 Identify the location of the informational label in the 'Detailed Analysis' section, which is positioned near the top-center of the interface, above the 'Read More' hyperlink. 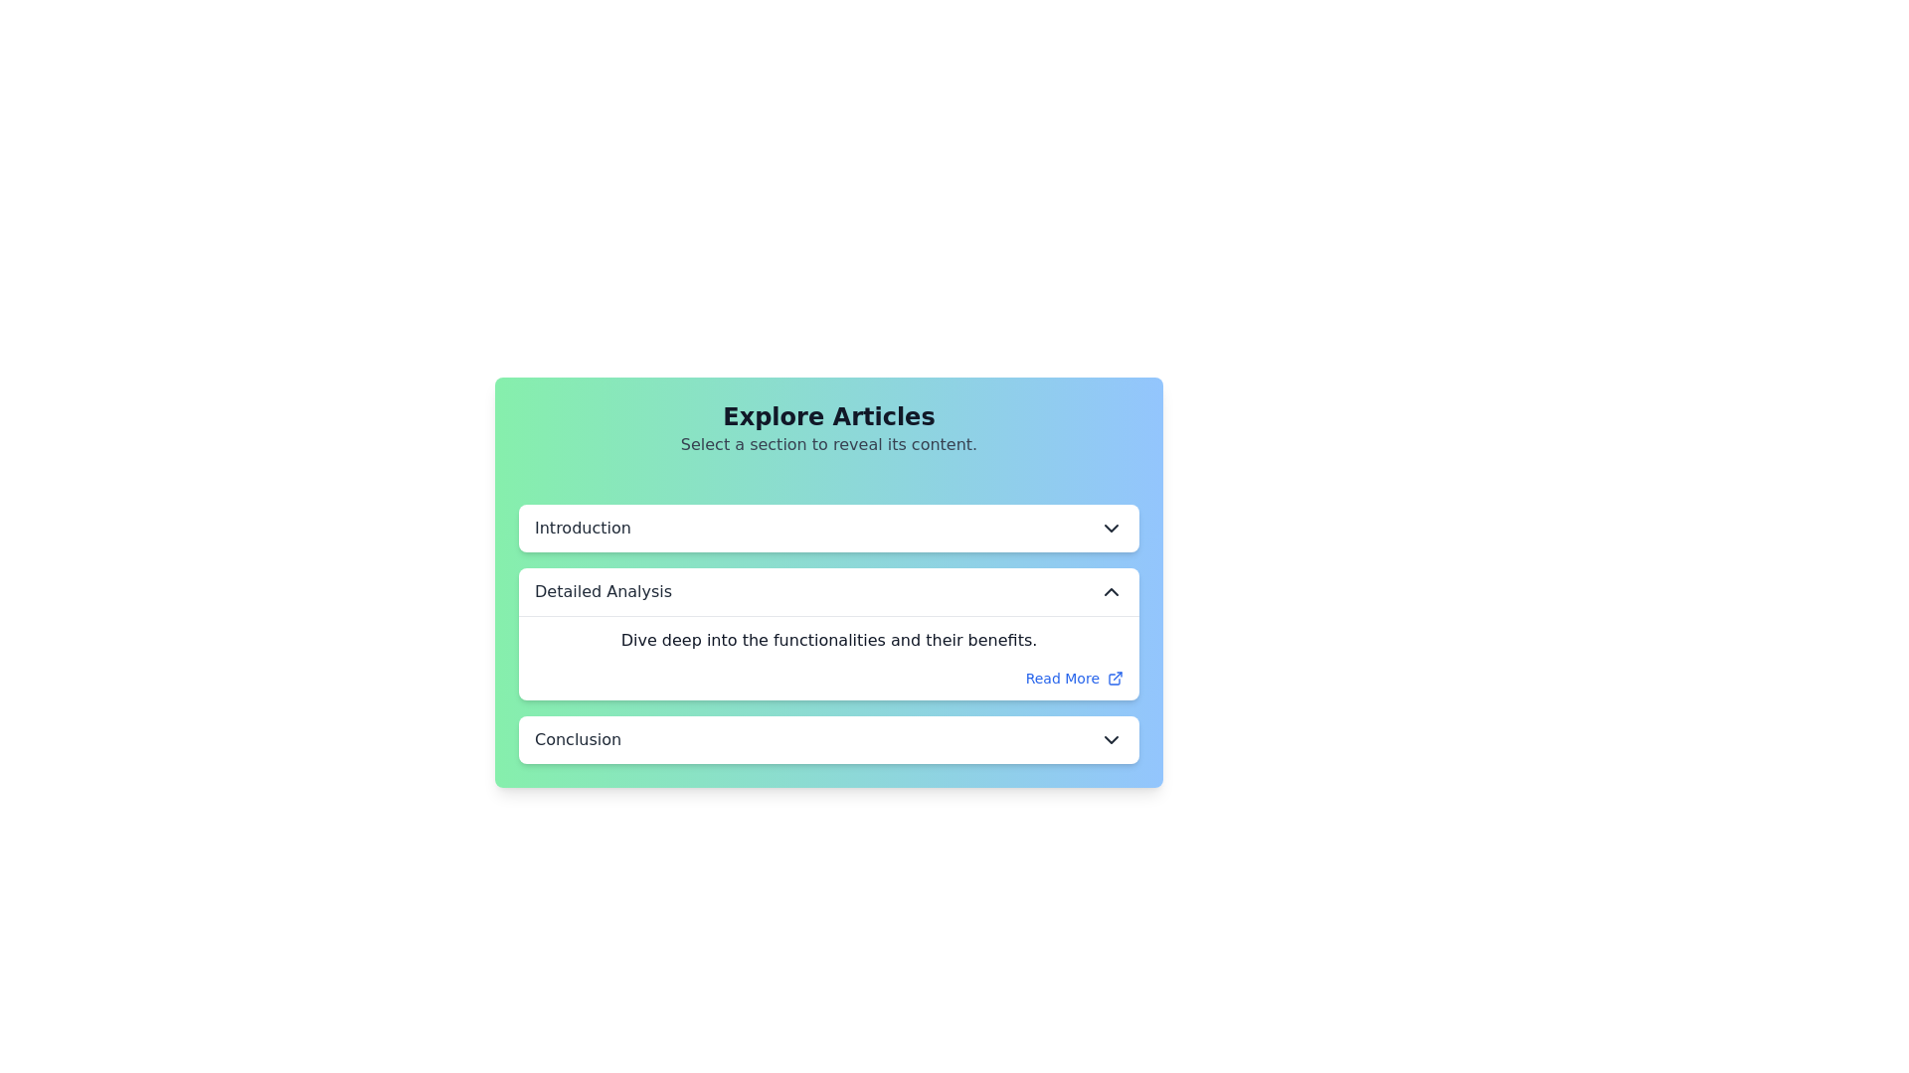
(829, 640).